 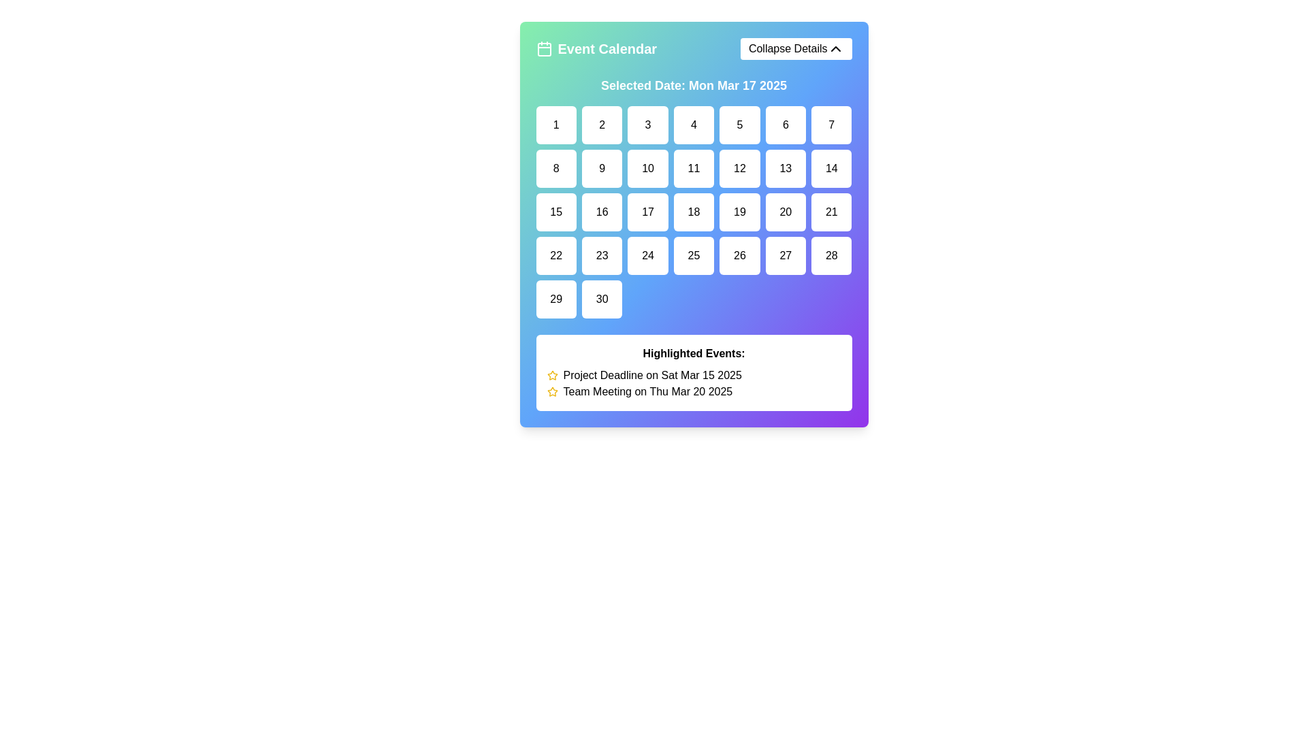 I want to click on the 'Team Meeting' text label in the 'Highlighted Events' section, which displays the date 'Thu Mar 20 2025.', so click(x=694, y=391).